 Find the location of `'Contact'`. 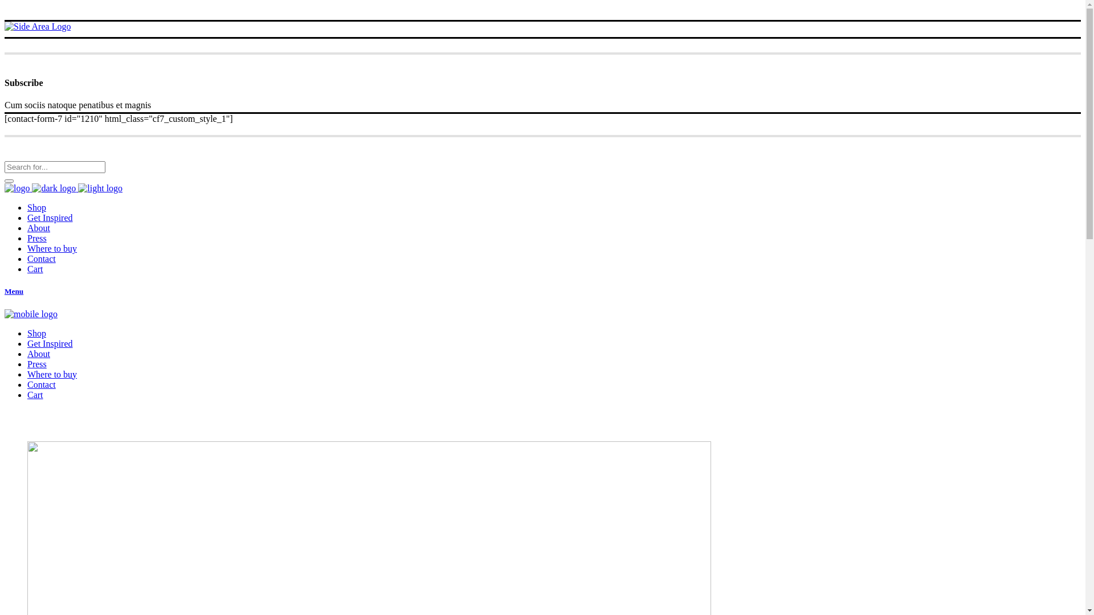

'Contact' is located at coordinates (41, 259).